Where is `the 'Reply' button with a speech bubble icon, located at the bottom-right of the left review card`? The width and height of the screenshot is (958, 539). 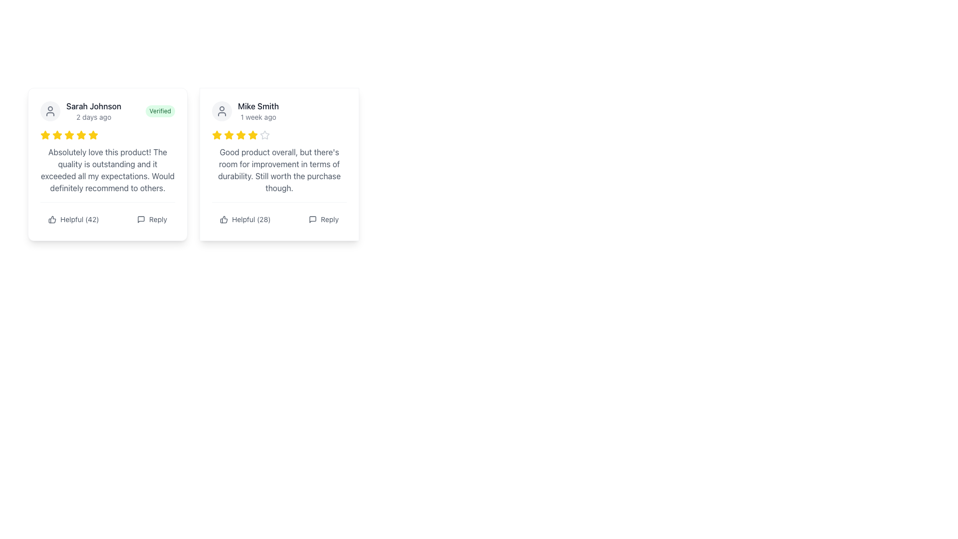 the 'Reply' button with a speech bubble icon, located at the bottom-right of the left review card is located at coordinates (152, 219).